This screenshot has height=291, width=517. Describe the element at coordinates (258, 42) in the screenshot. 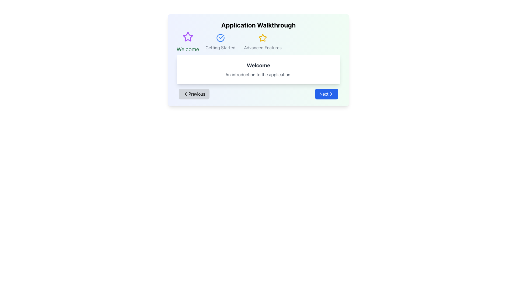

I see `the 'Advanced Features' navigation menu item` at that location.